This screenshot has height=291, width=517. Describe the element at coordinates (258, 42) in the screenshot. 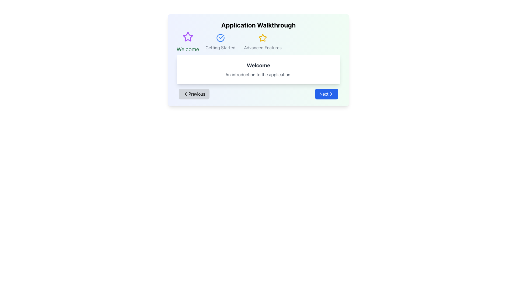

I see `the 'Advanced Features' navigation menu item` at that location.